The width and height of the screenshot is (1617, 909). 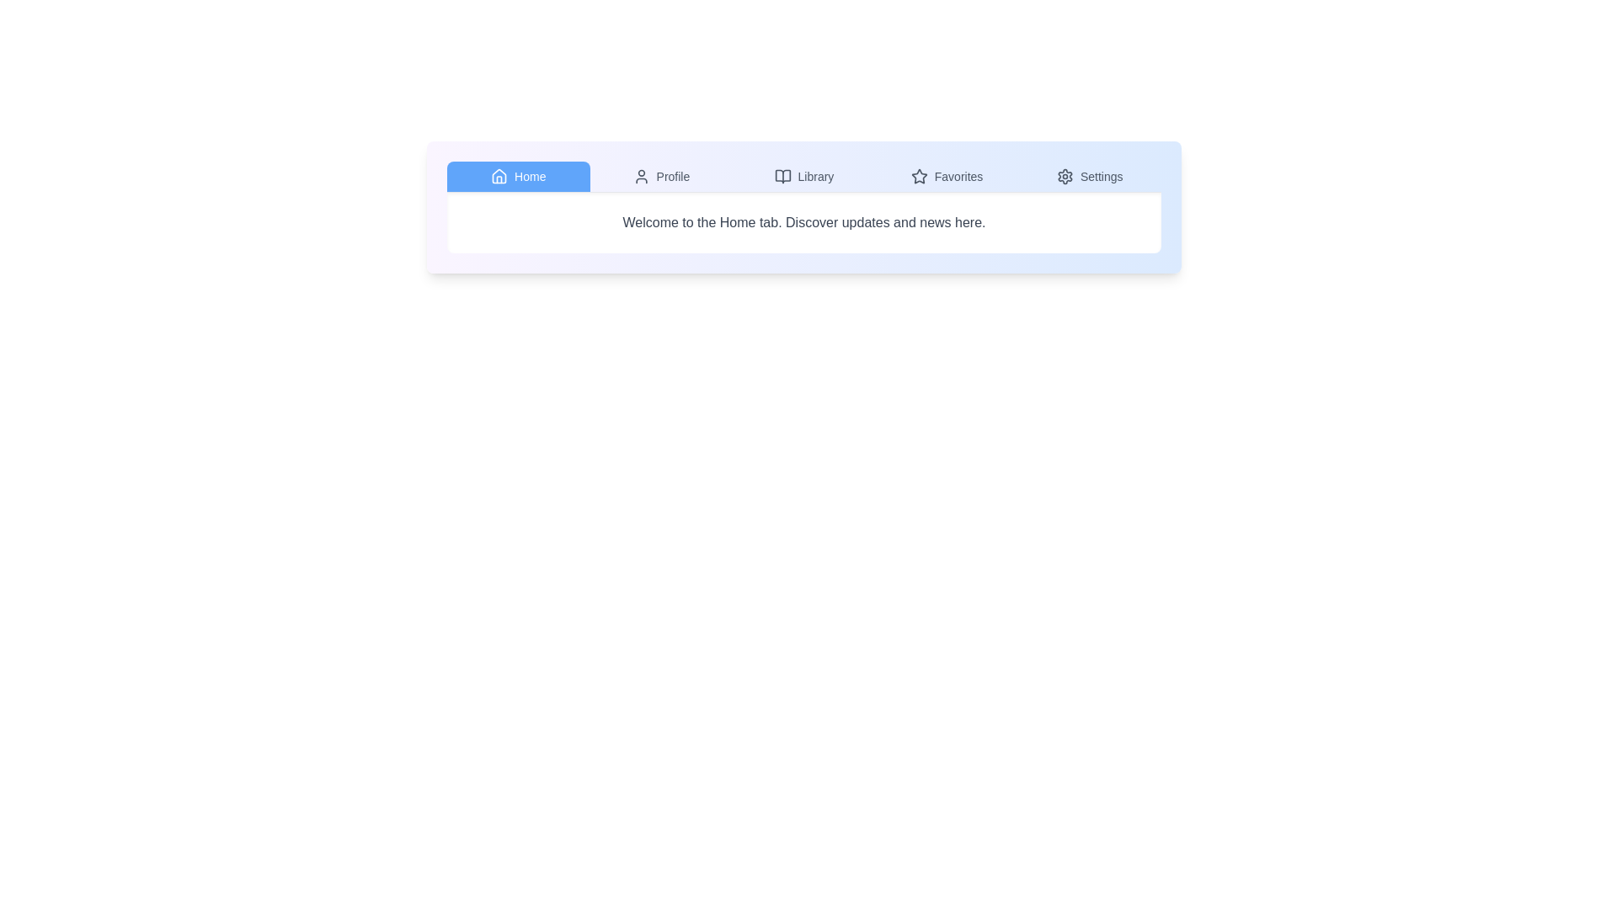 What do you see at coordinates (660, 176) in the screenshot?
I see `the 'Profile' navigation tab which is the second tab in the horizontal navigation bar at the top of the page` at bounding box center [660, 176].